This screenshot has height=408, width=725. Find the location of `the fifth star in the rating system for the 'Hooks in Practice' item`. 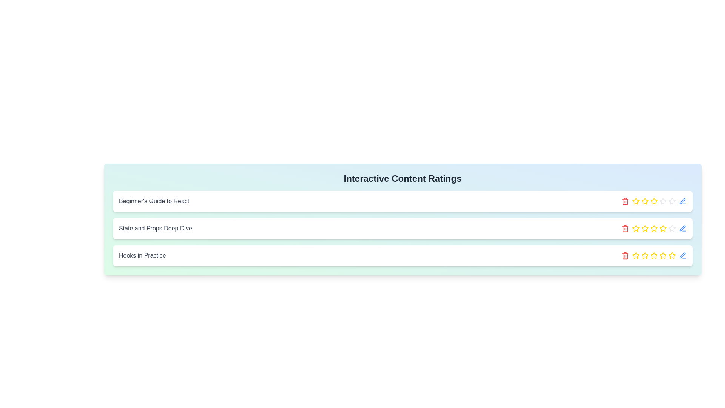

the fifth star in the rating system for the 'Hooks in Practice' item is located at coordinates (663, 255).